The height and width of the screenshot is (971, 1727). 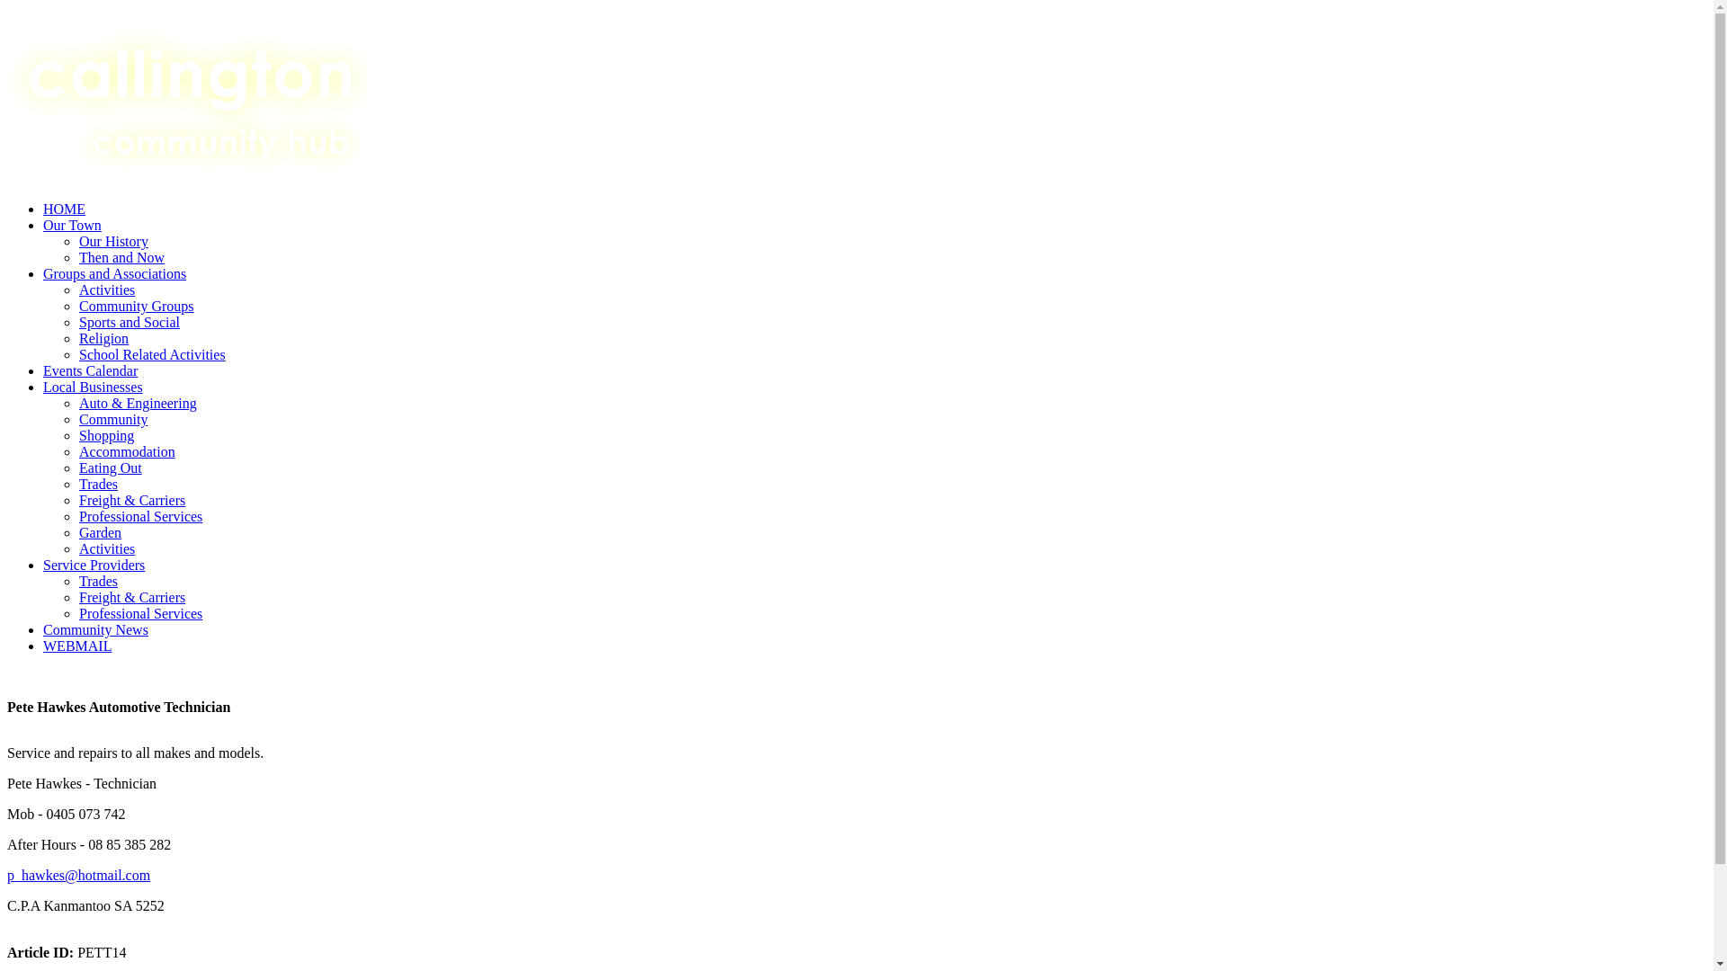 I want to click on 'Shopping', so click(x=105, y=435).